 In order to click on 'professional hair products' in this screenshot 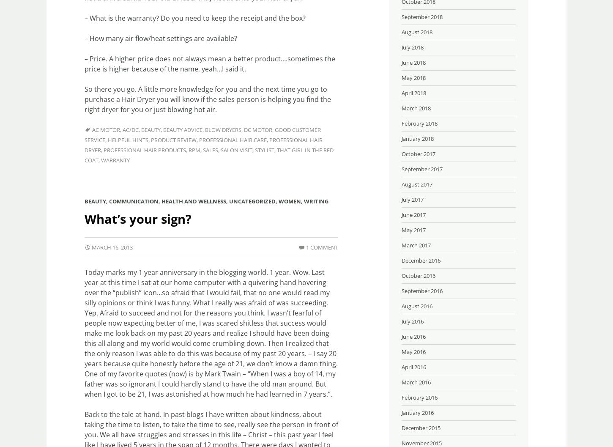, I will do `click(145, 150)`.